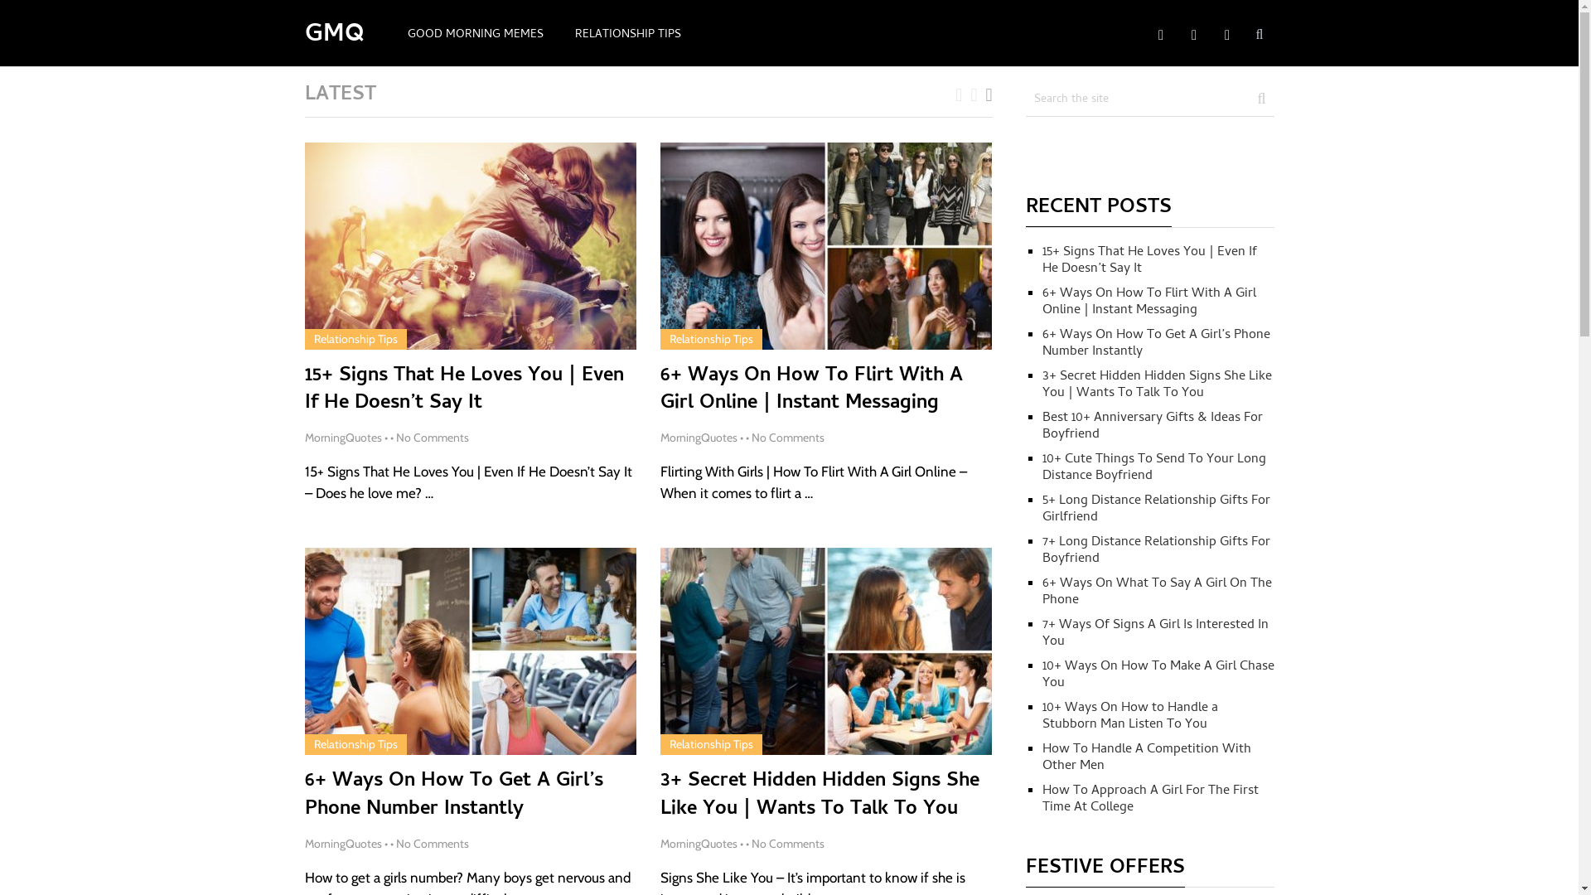 The width and height of the screenshot is (1591, 895). Describe the element at coordinates (313, 743) in the screenshot. I see `'Relationship Tips'` at that location.